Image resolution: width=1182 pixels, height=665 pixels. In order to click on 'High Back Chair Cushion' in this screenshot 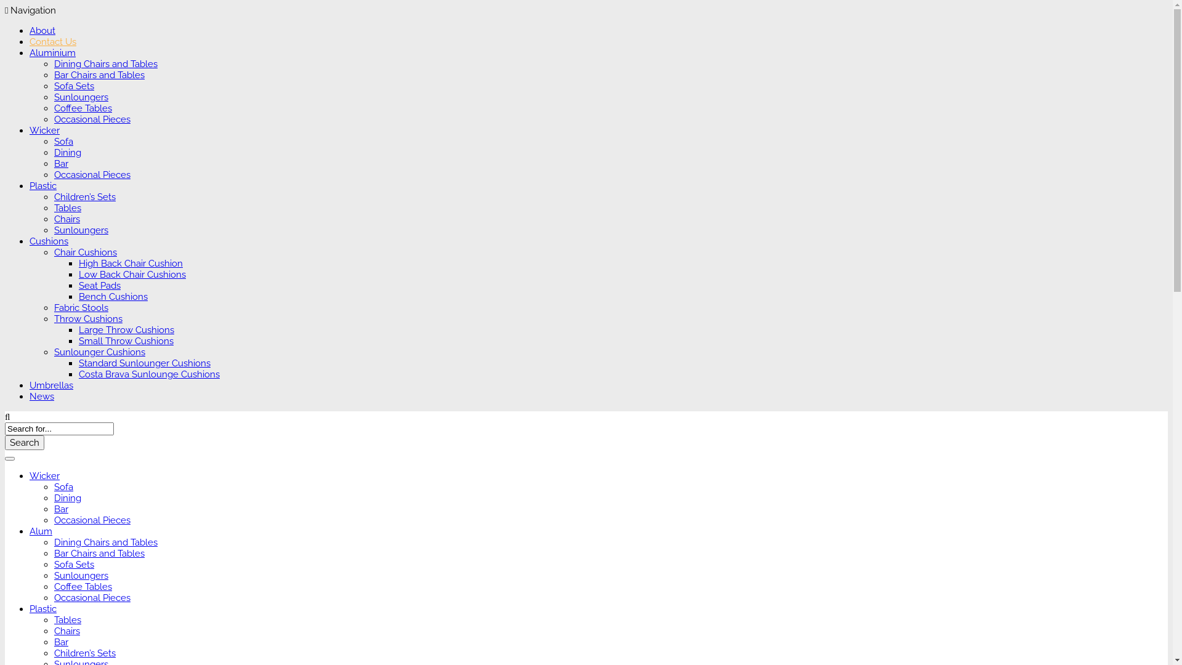, I will do `click(78, 263)`.